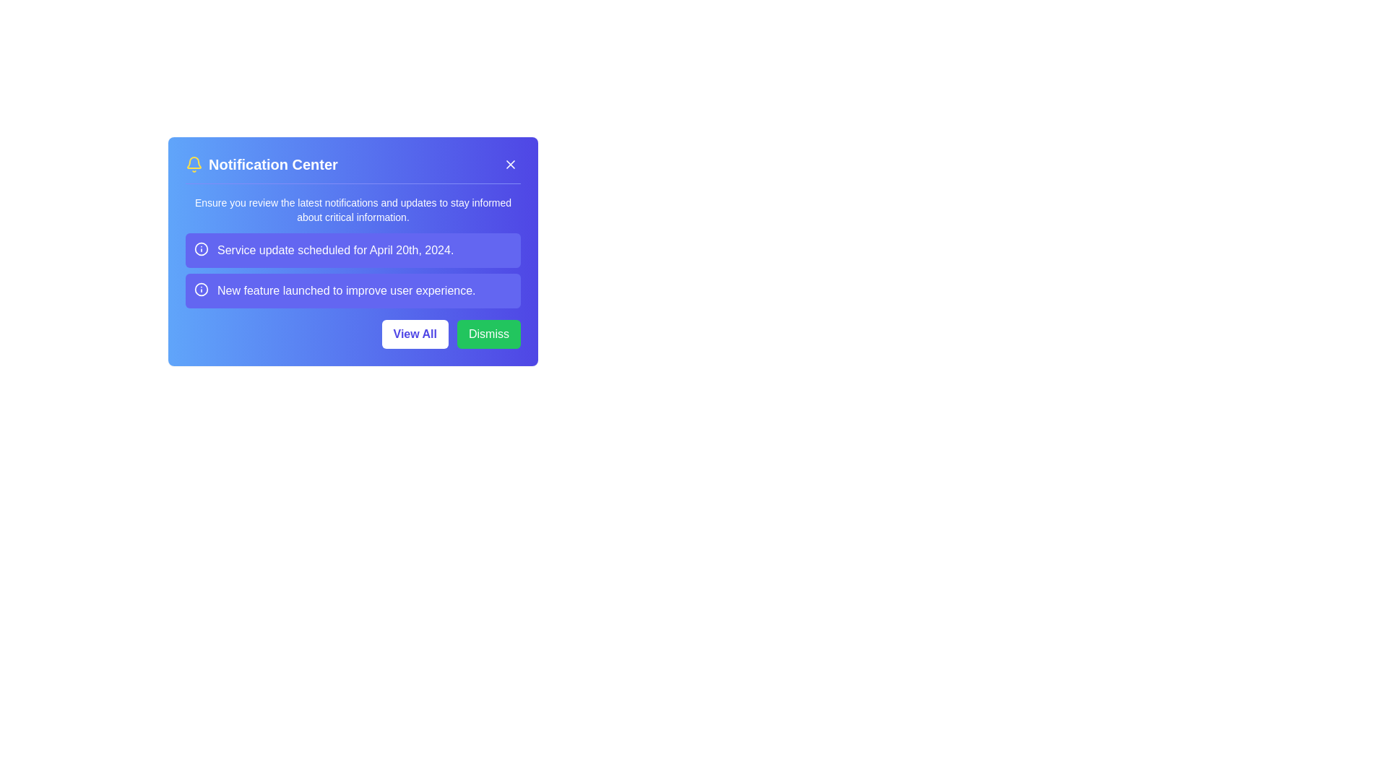 Image resolution: width=1387 pixels, height=780 pixels. What do you see at coordinates (273, 163) in the screenshot?
I see `the 'Notification Center' text label, which is prominently displayed in a bold, extra-large font within the header of the notification modal` at bounding box center [273, 163].